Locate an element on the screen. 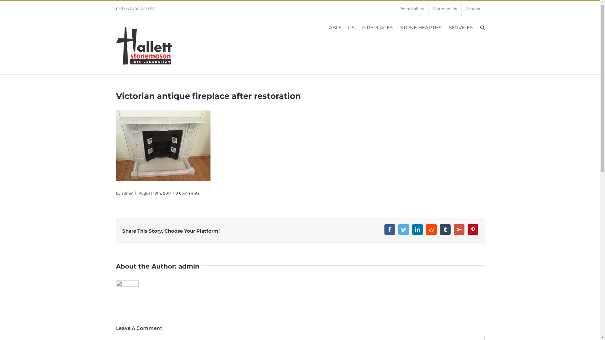 This screenshot has height=340, width=605. 'SERVICES' is located at coordinates (460, 27).